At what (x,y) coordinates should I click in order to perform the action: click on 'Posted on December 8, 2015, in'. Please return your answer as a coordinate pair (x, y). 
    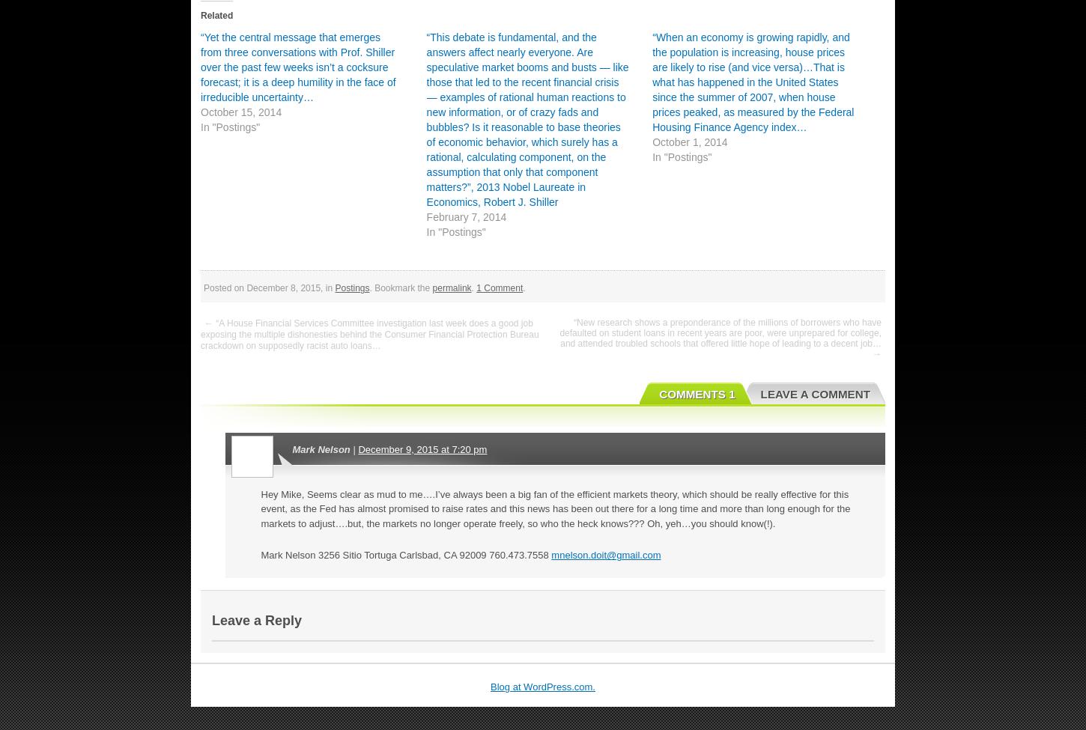
    Looking at the image, I should click on (269, 286).